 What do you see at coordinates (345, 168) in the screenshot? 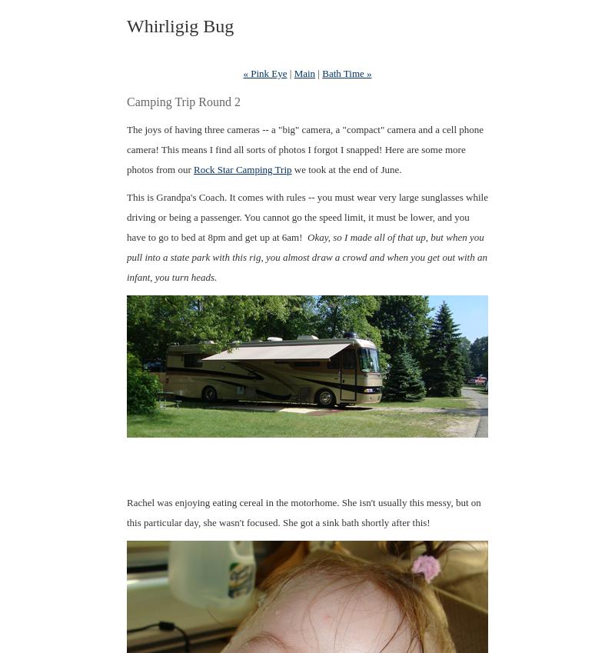
I see `'we took at the end of June.'` at bounding box center [345, 168].